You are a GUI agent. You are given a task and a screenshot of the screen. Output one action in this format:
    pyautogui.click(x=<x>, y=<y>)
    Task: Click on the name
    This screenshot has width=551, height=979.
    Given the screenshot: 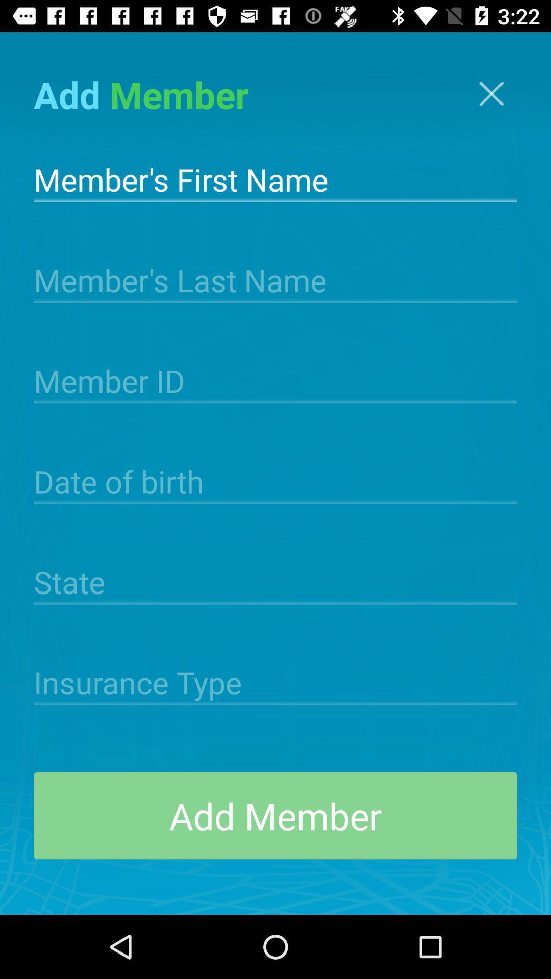 What is the action you would take?
    pyautogui.click(x=275, y=178)
    